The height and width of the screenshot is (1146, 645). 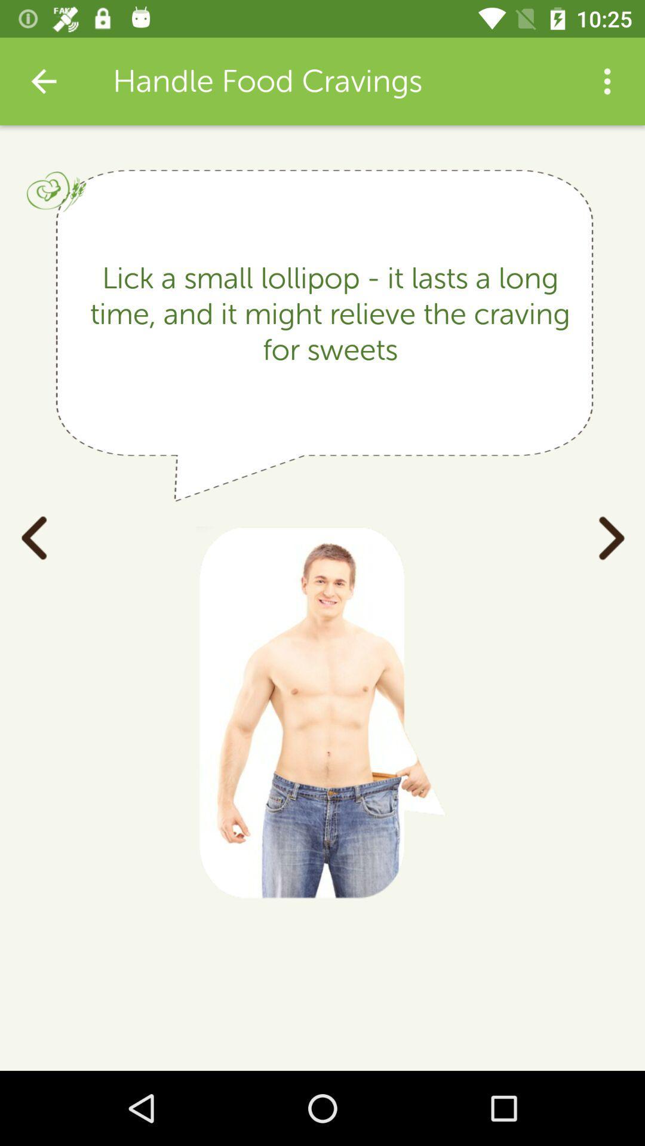 What do you see at coordinates (33, 536) in the screenshot?
I see `item on the left` at bounding box center [33, 536].